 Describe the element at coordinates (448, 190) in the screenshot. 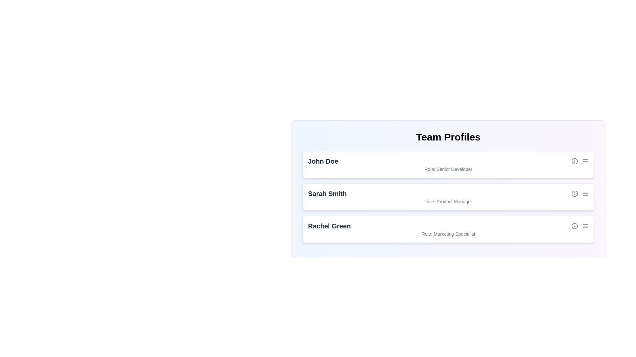

I see `the informational card displaying 'Sarah Smith' and 'Role: Product Manager', which is the second card in a vertically aligned list of three cards` at that location.